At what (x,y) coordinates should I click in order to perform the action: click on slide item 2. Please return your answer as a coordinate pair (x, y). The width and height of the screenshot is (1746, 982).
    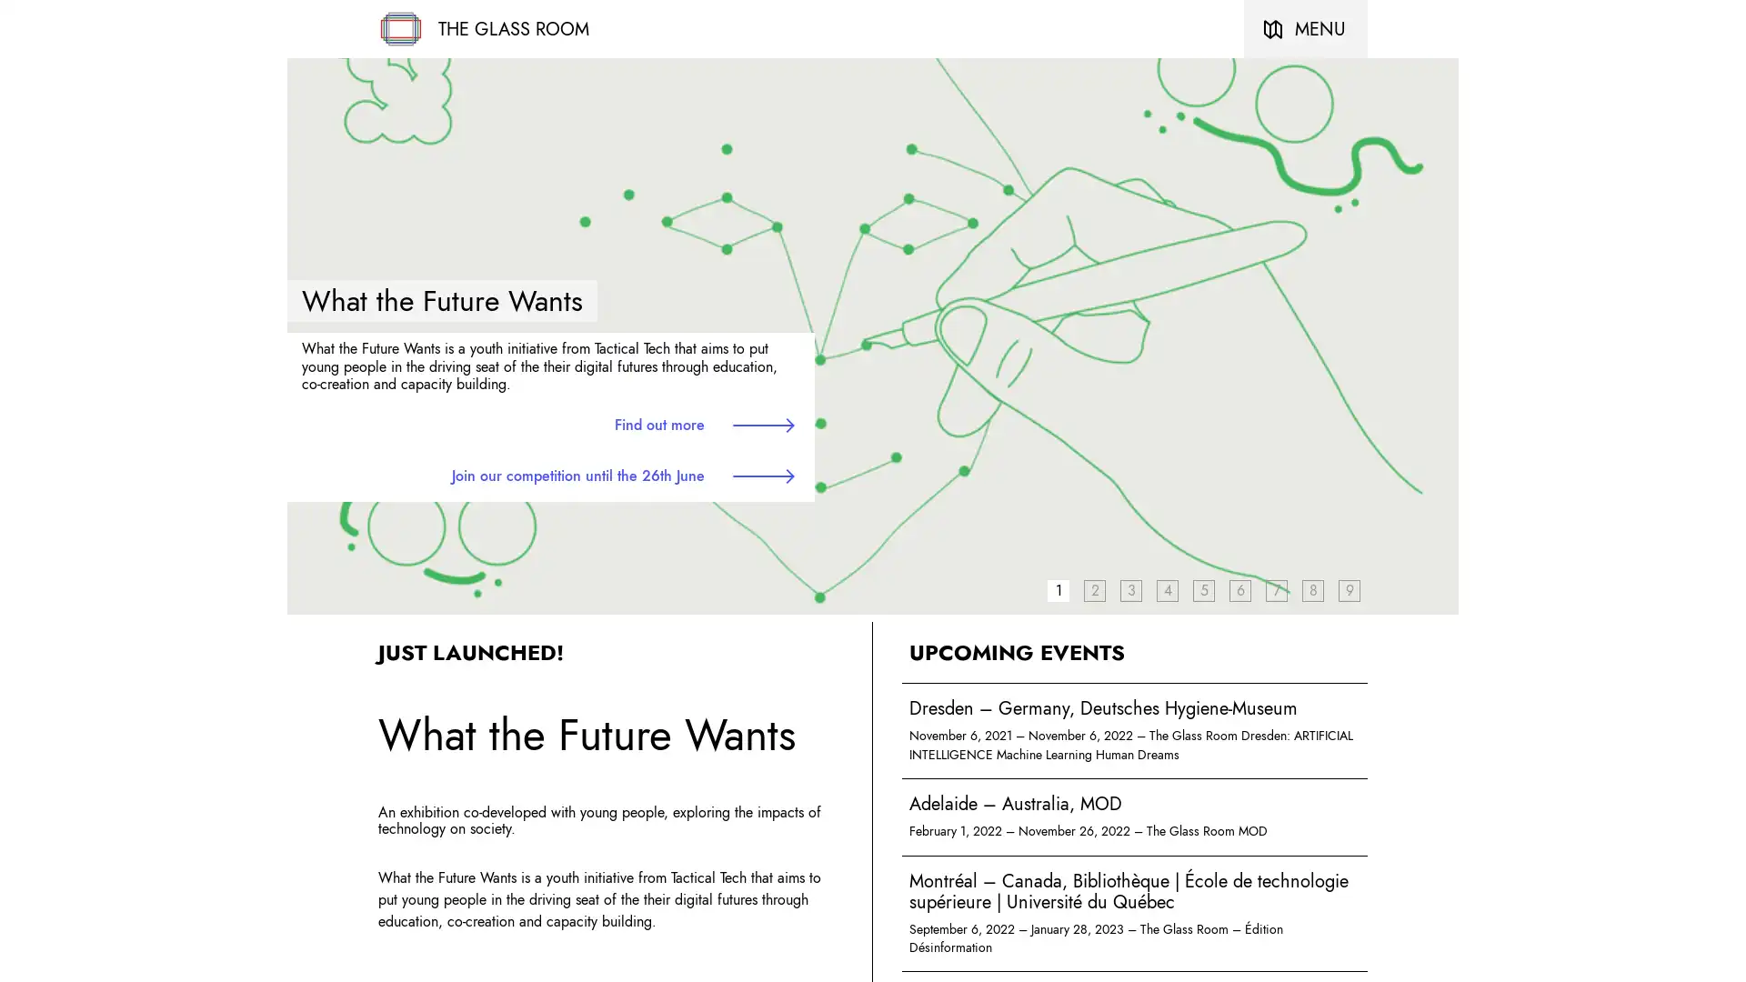
    Looking at the image, I should click on (1094, 589).